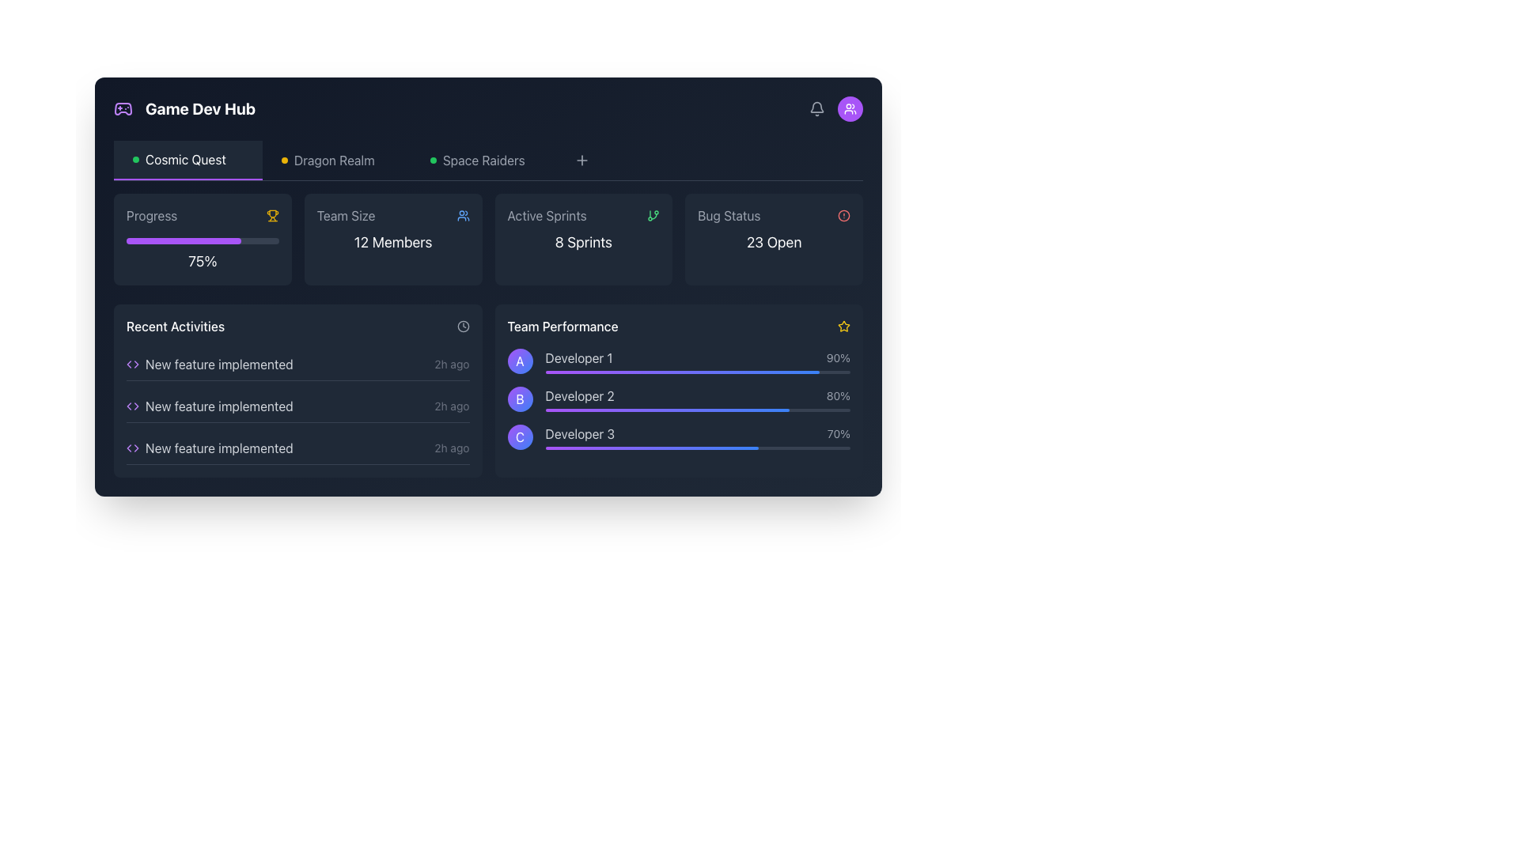 The width and height of the screenshot is (1519, 854). Describe the element at coordinates (838, 433) in the screenshot. I see `the displayed percentage value from the text label indicating the performance metric` at that location.